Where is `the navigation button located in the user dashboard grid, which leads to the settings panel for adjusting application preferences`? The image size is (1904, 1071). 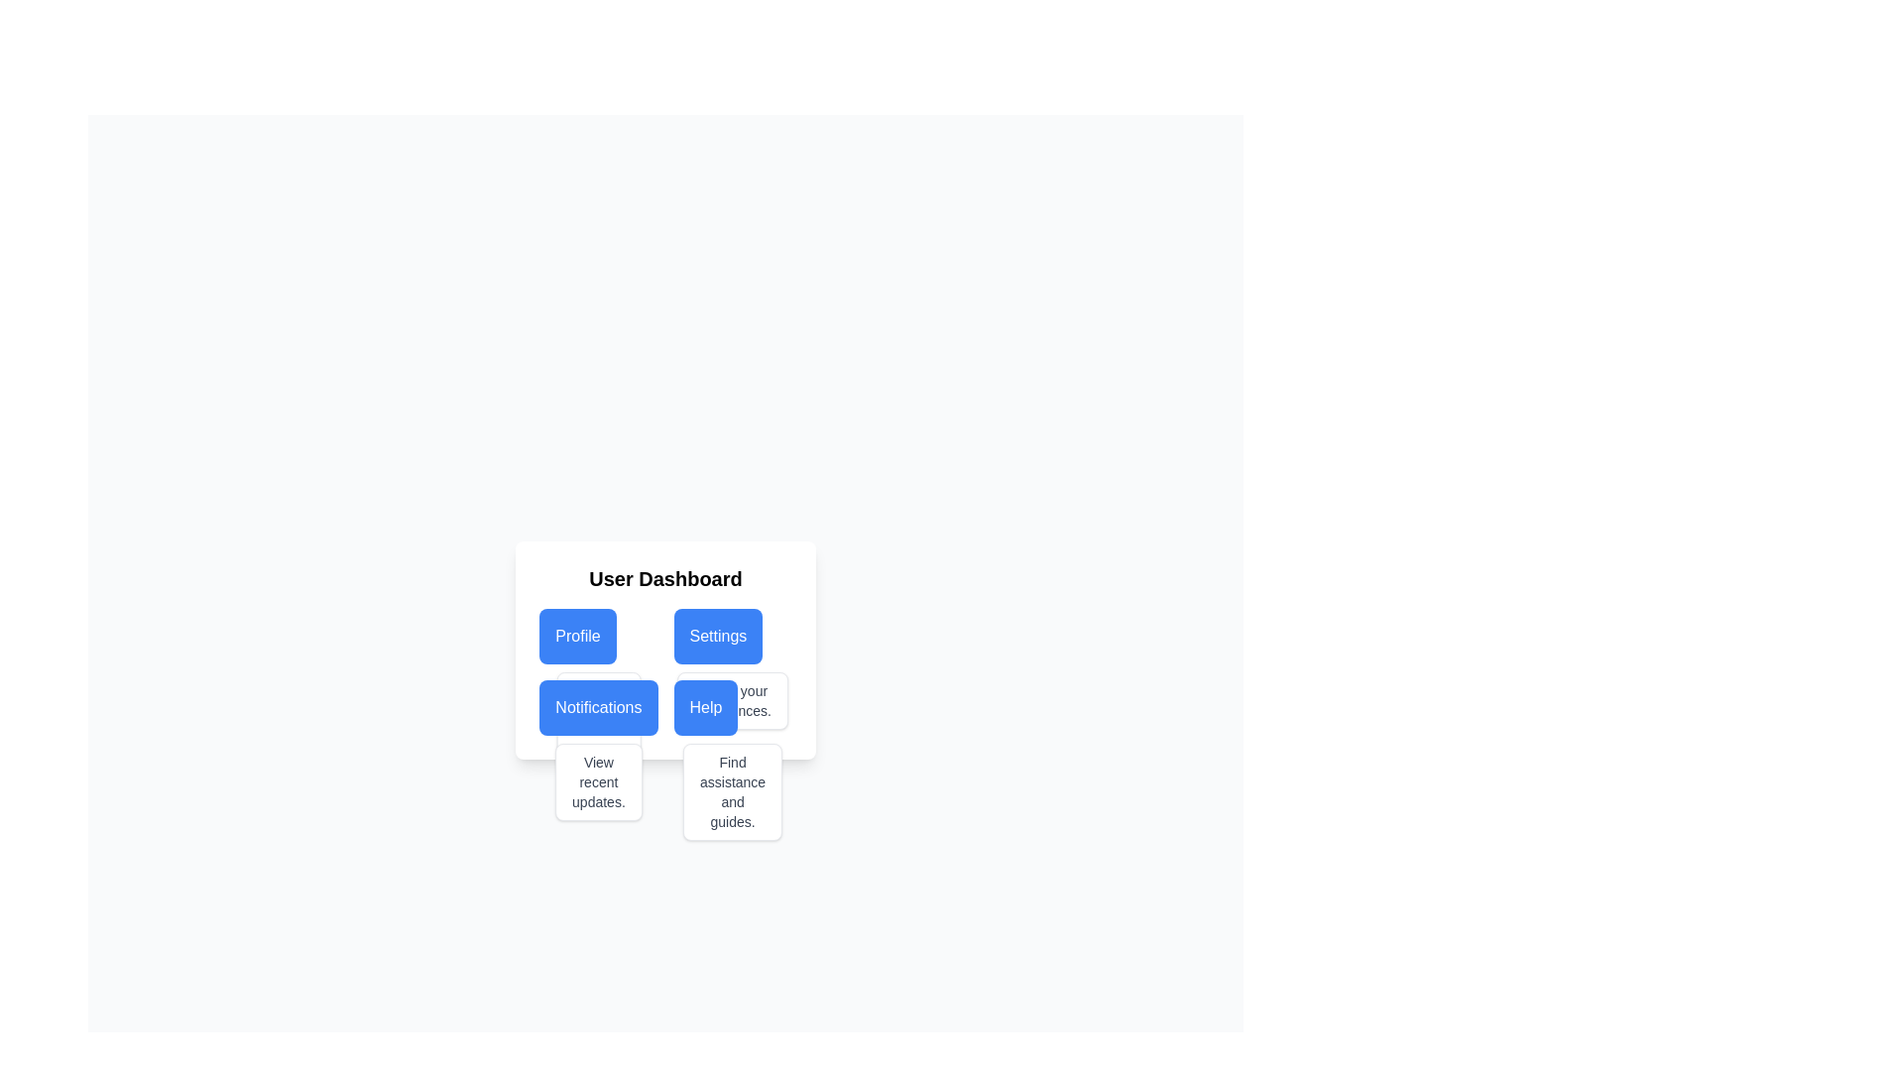 the navigation button located in the user dashboard grid, which leads to the settings panel for adjusting application preferences is located at coordinates (717, 636).